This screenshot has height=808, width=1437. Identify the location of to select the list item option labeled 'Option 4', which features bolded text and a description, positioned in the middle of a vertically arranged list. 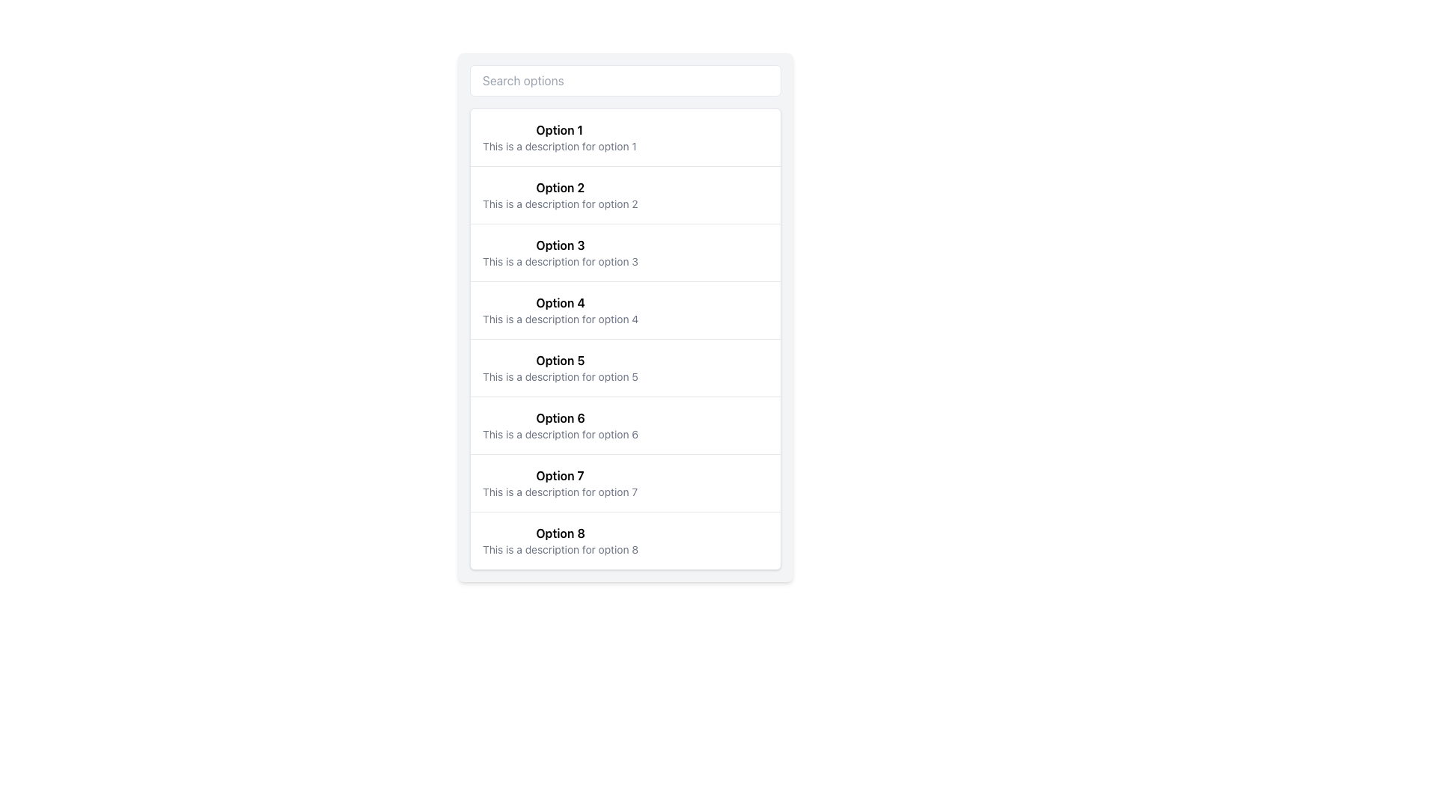
(625, 308).